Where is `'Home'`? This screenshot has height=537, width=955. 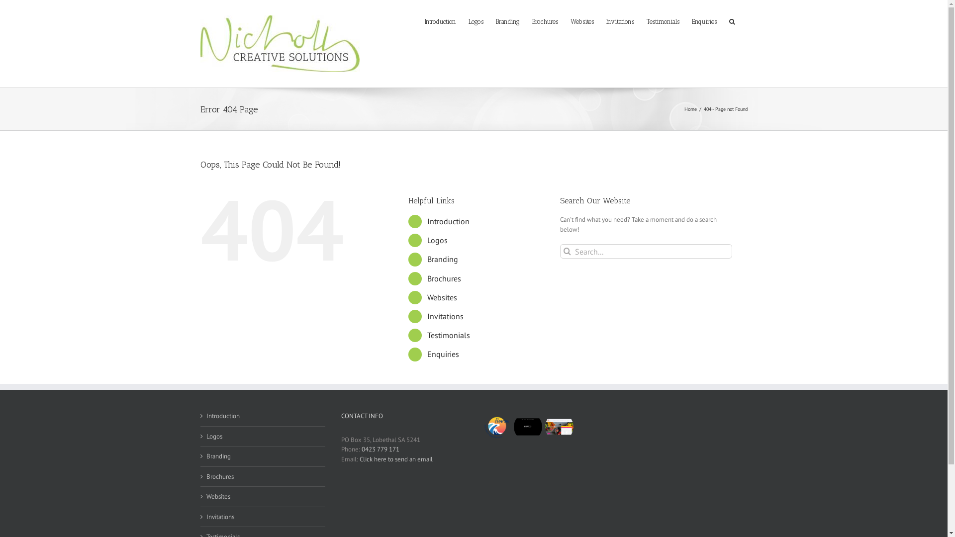
'Home' is located at coordinates (690, 109).